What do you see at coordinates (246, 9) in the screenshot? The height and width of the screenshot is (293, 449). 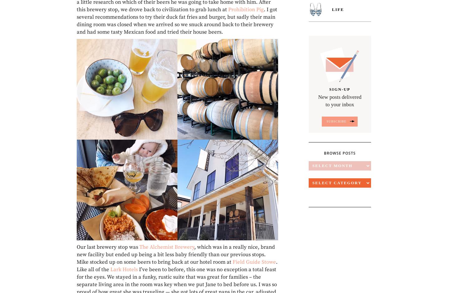 I see `'Prohibition Pig'` at bounding box center [246, 9].